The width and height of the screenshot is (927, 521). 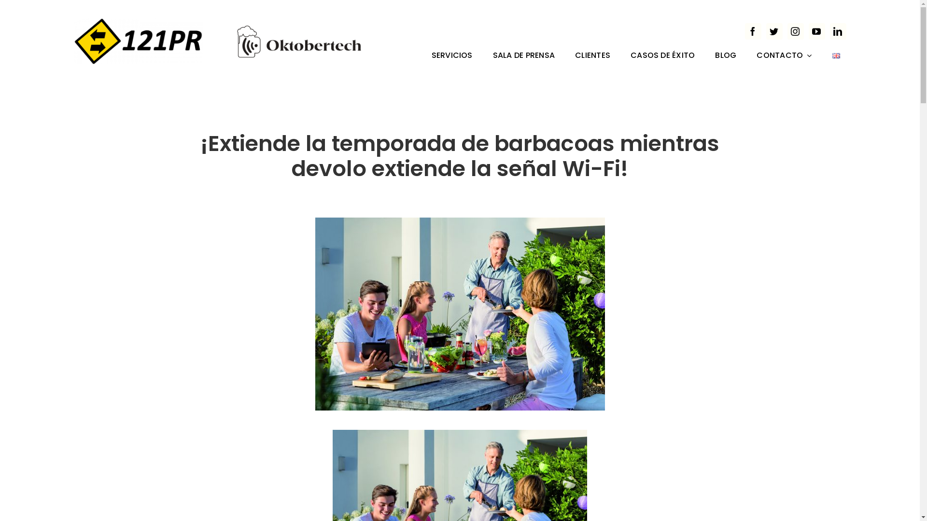 What do you see at coordinates (451, 56) in the screenshot?
I see `'SERVICIOS'` at bounding box center [451, 56].